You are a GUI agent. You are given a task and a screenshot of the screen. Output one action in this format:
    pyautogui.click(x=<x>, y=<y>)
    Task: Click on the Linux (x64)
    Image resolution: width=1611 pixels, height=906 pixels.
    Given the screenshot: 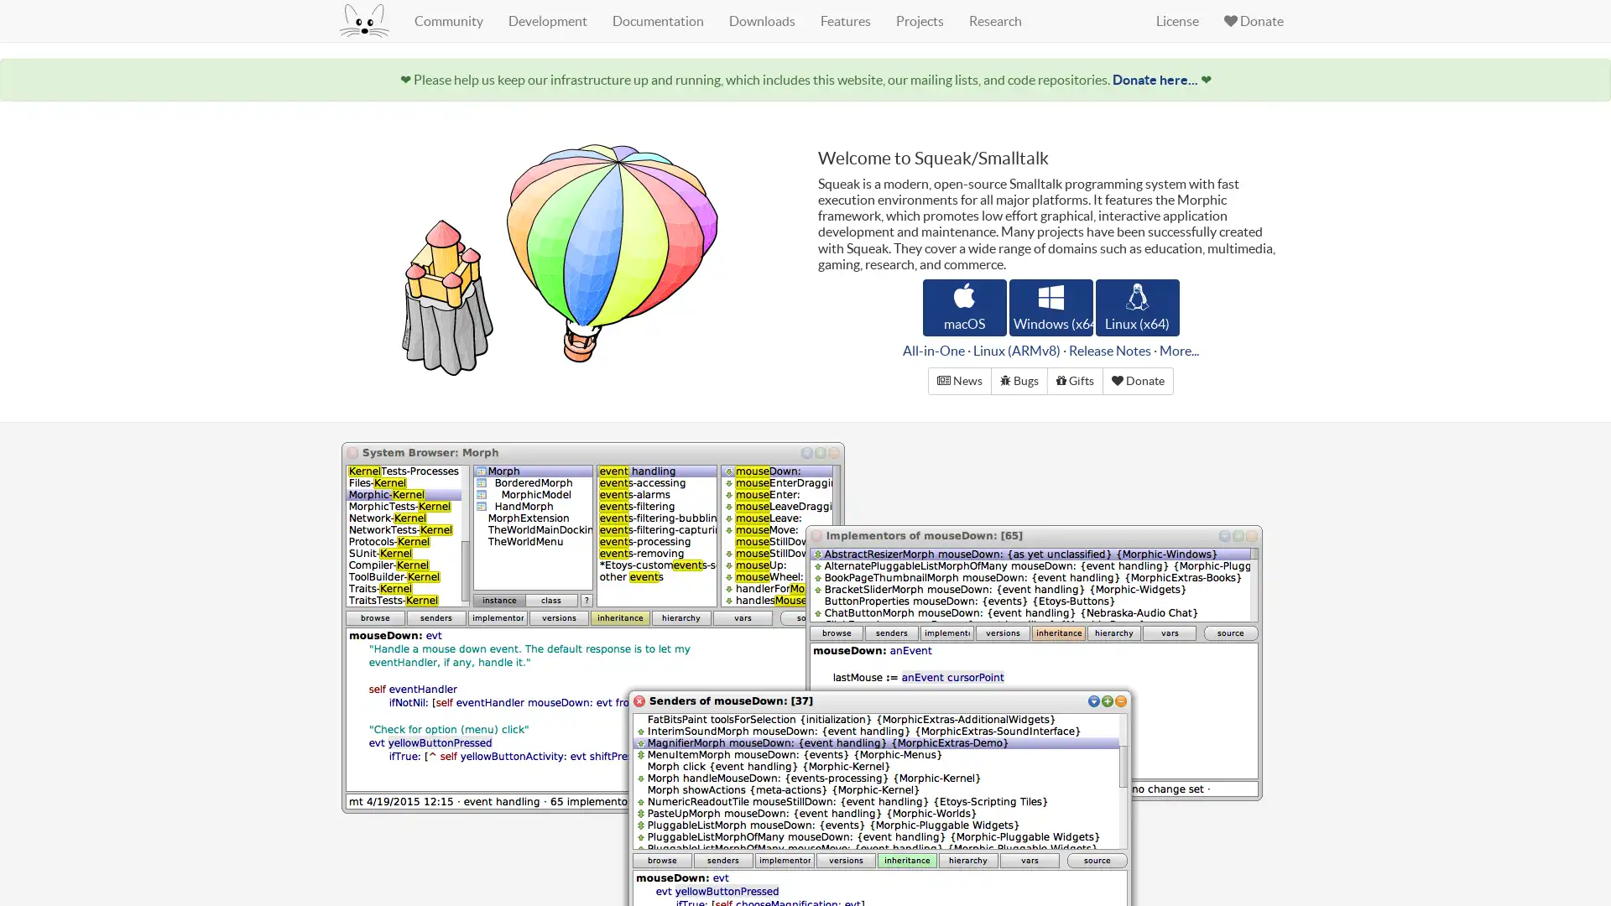 What is the action you would take?
    pyautogui.click(x=1136, y=307)
    